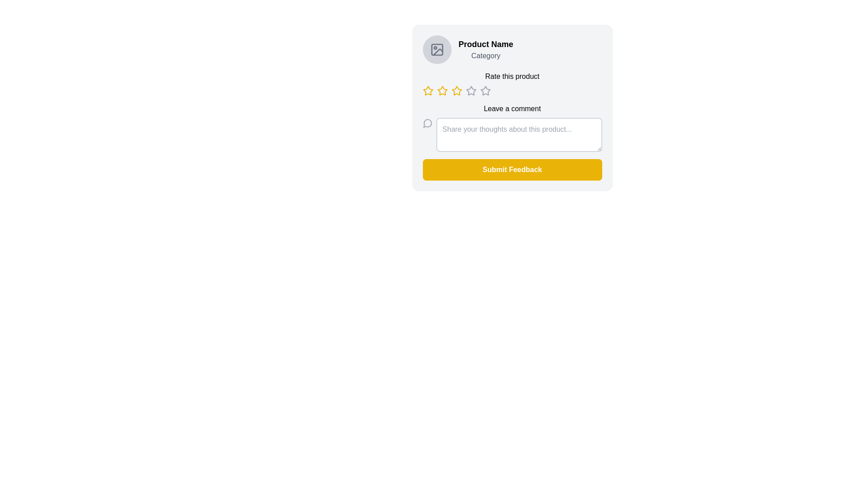 This screenshot has height=484, width=861. Describe the element at coordinates (457, 91) in the screenshot. I see `the fourth star icon for rating, which is styled in yellow to indicate it is active` at that location.